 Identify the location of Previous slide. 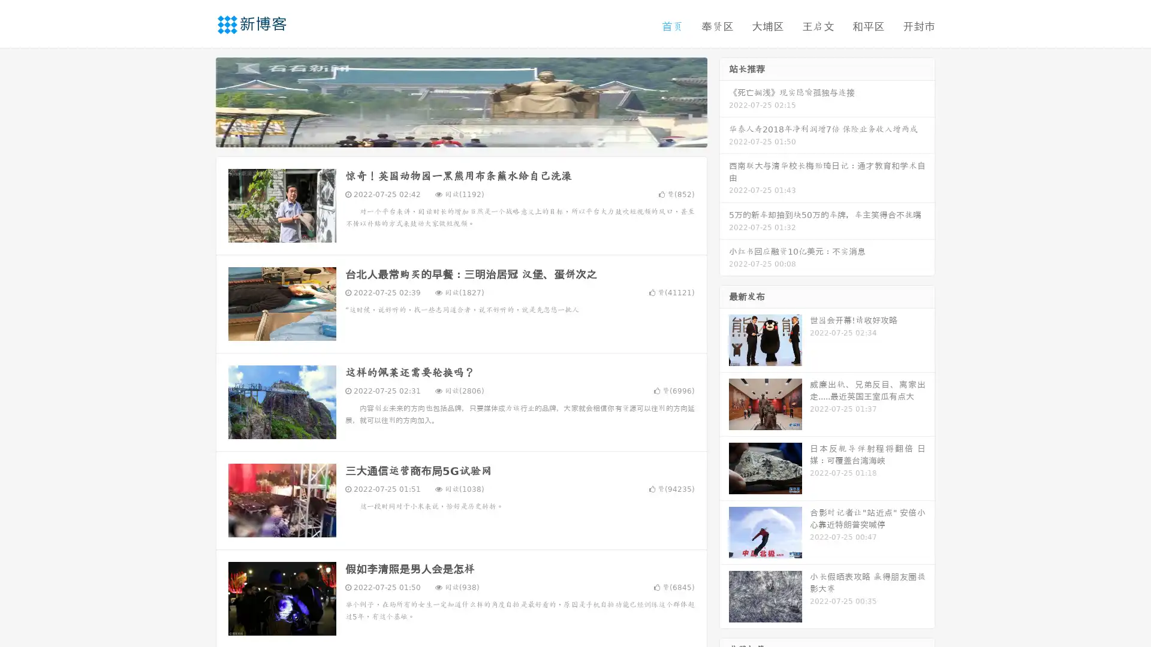
(198, 101).